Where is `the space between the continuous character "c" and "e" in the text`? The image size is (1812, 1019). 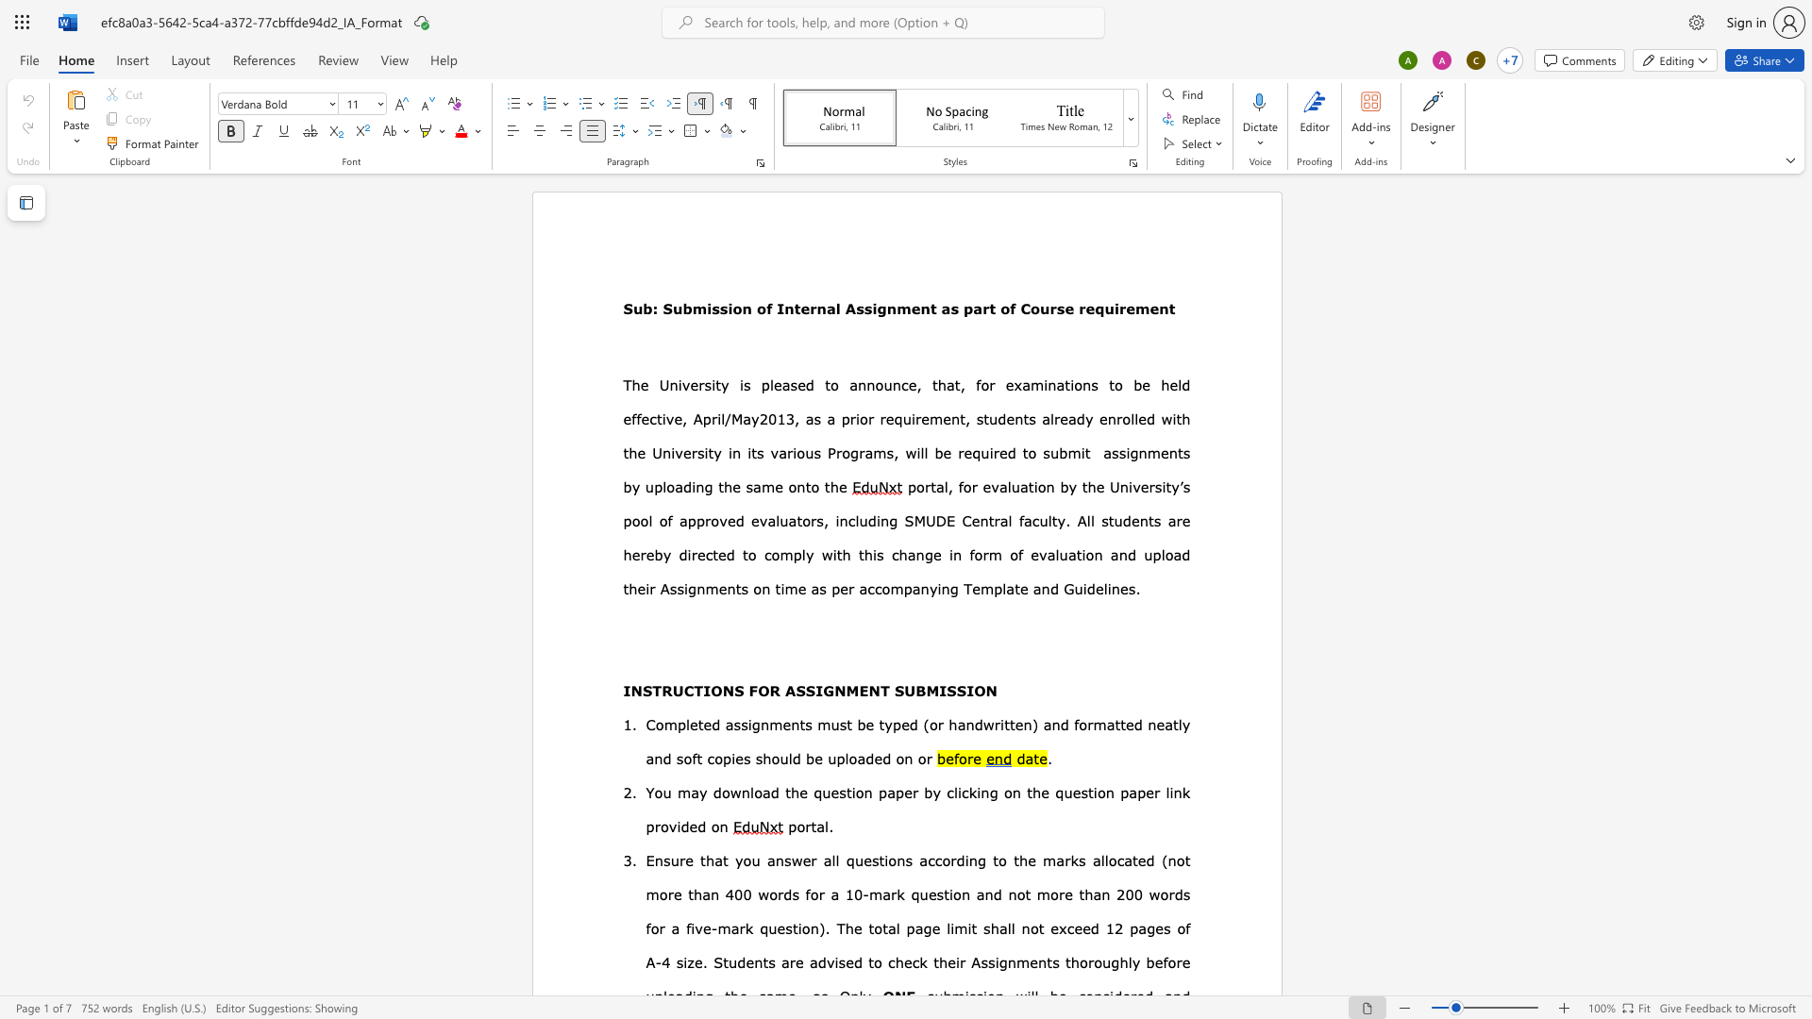 the space between the continuous character "c" and "e" in the text is located at coordinates (1074, 927).